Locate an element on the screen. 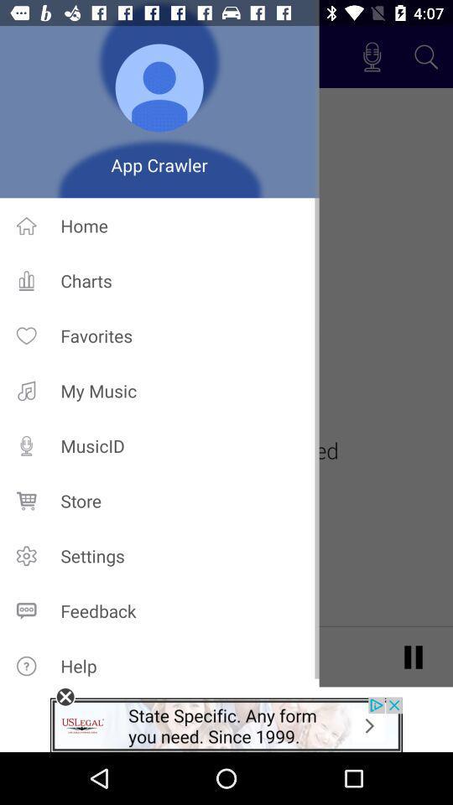 The width and height of the screenshot is (453, 805). the close icon is located at coordinates (65, 697).